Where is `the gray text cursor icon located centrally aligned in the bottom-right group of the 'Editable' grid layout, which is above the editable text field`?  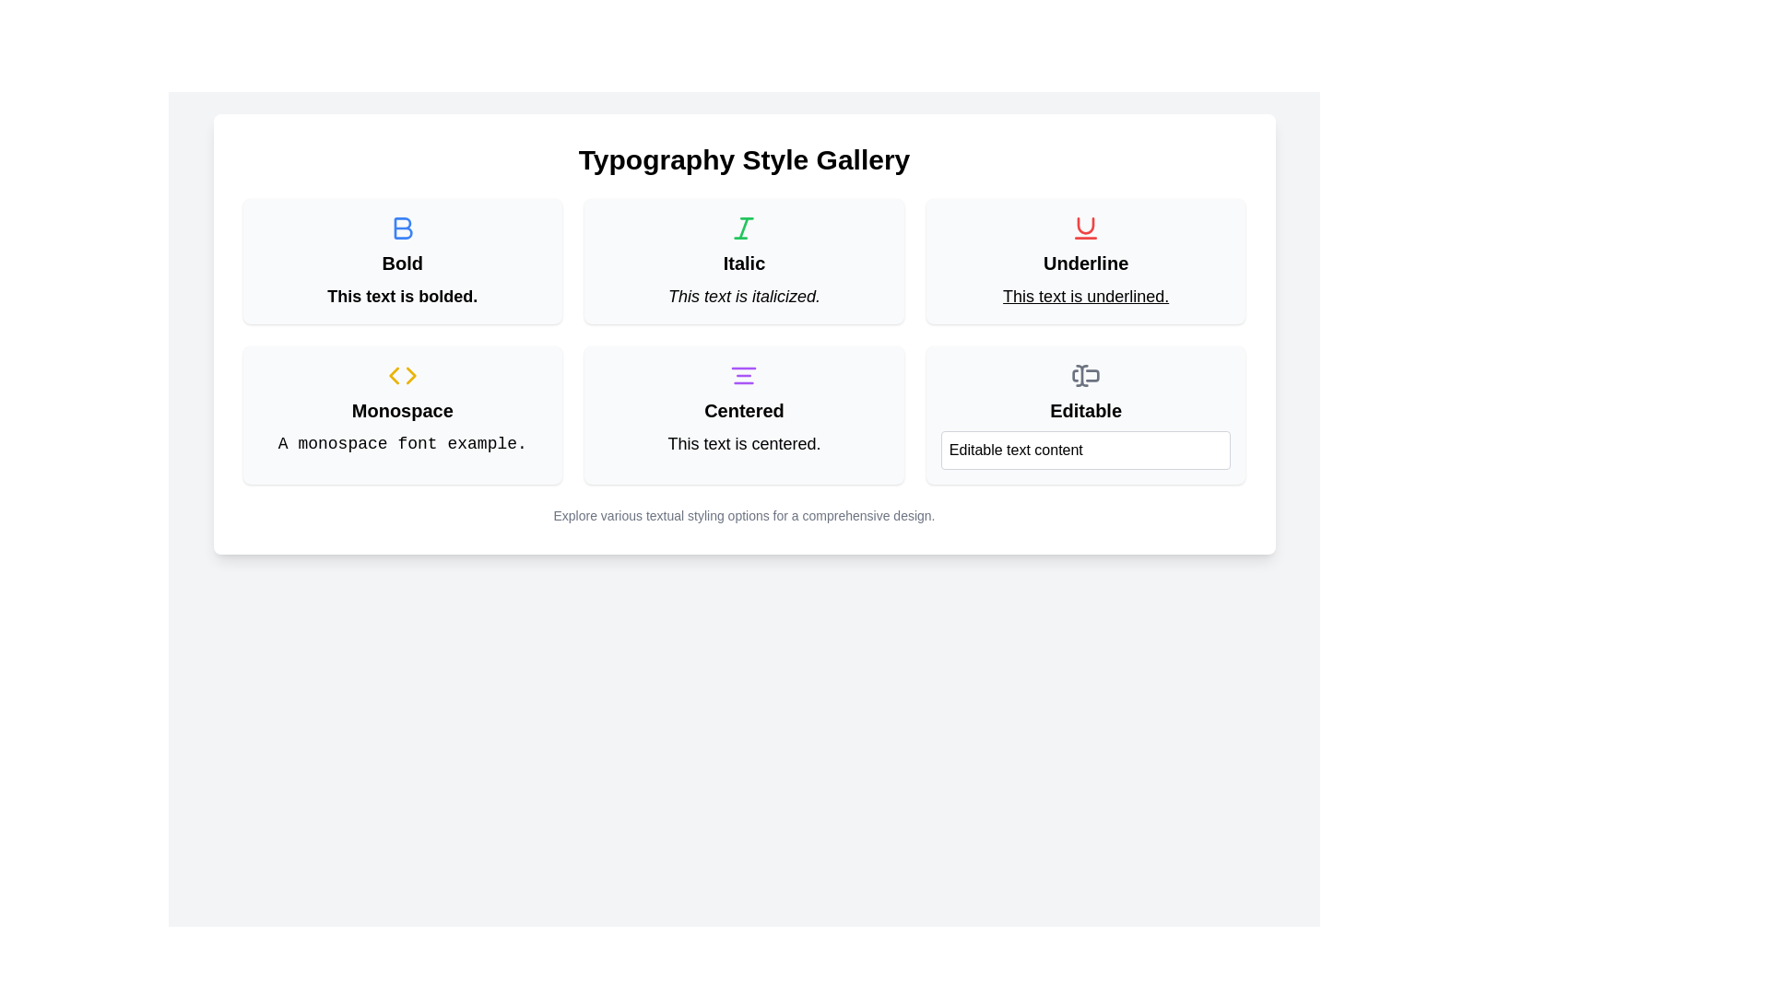
the gray text cursor icon located centrally aligned in the bottom-right group of the 'Editable' grid layout, which is above the editable text field is located at coordinates (1086, 375).